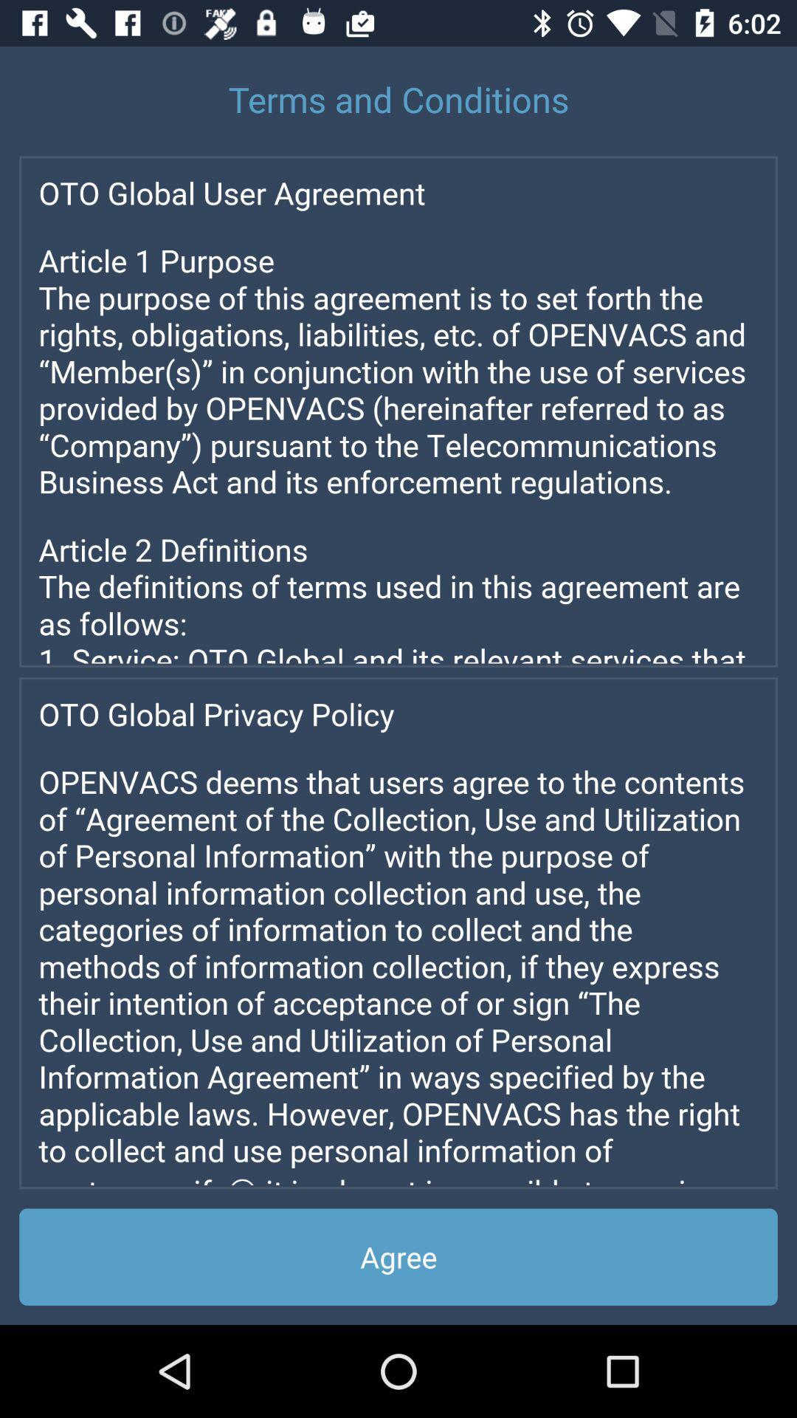 The width and height of the screenshot is (797, 1418). What do you see at coordinates (398, 411) in the screenshot?
I see `important page` at bounding box center [398, 411].